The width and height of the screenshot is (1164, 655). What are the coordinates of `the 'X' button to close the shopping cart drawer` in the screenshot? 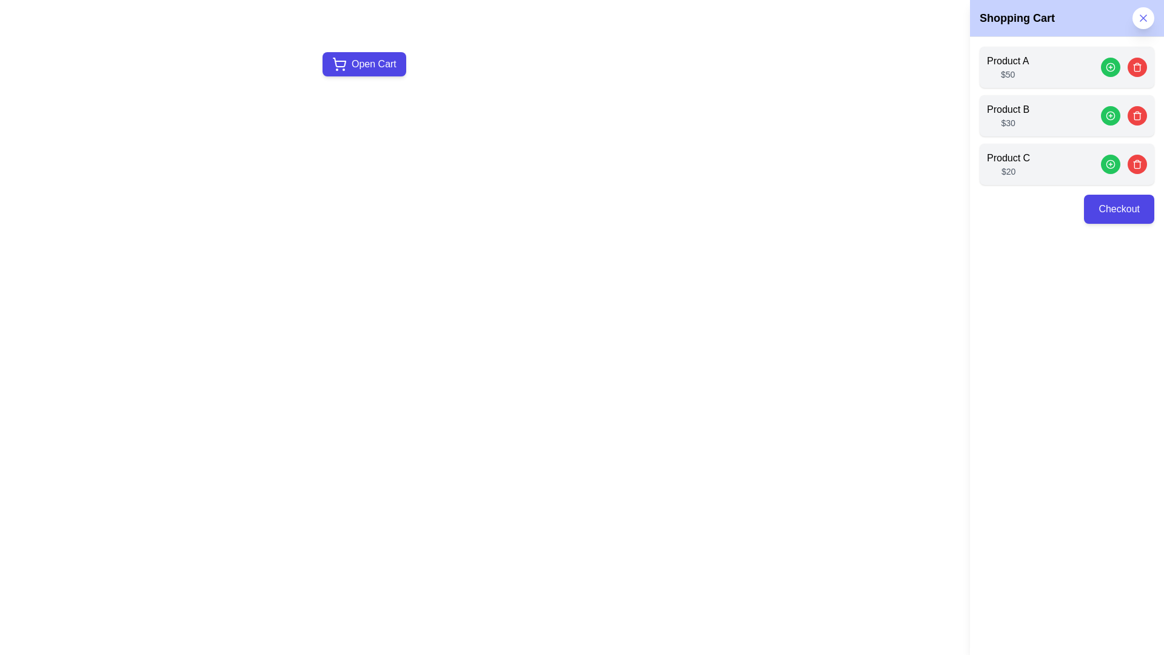 It's located at (1143, 18).